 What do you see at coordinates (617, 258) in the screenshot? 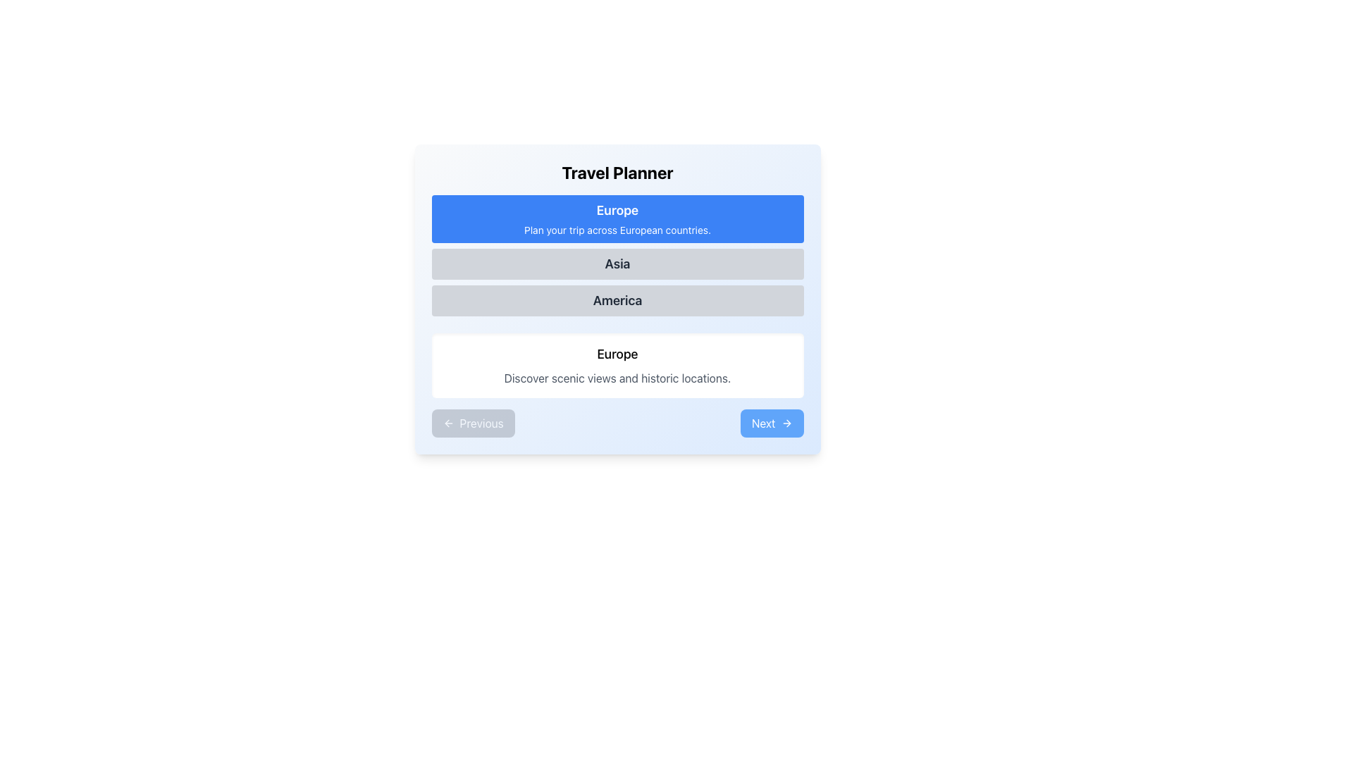
I see `the 'Asia' section of the Grouped Text Sections under the 'Travel Planner' title for additional details` at bounding box center [617, 258].